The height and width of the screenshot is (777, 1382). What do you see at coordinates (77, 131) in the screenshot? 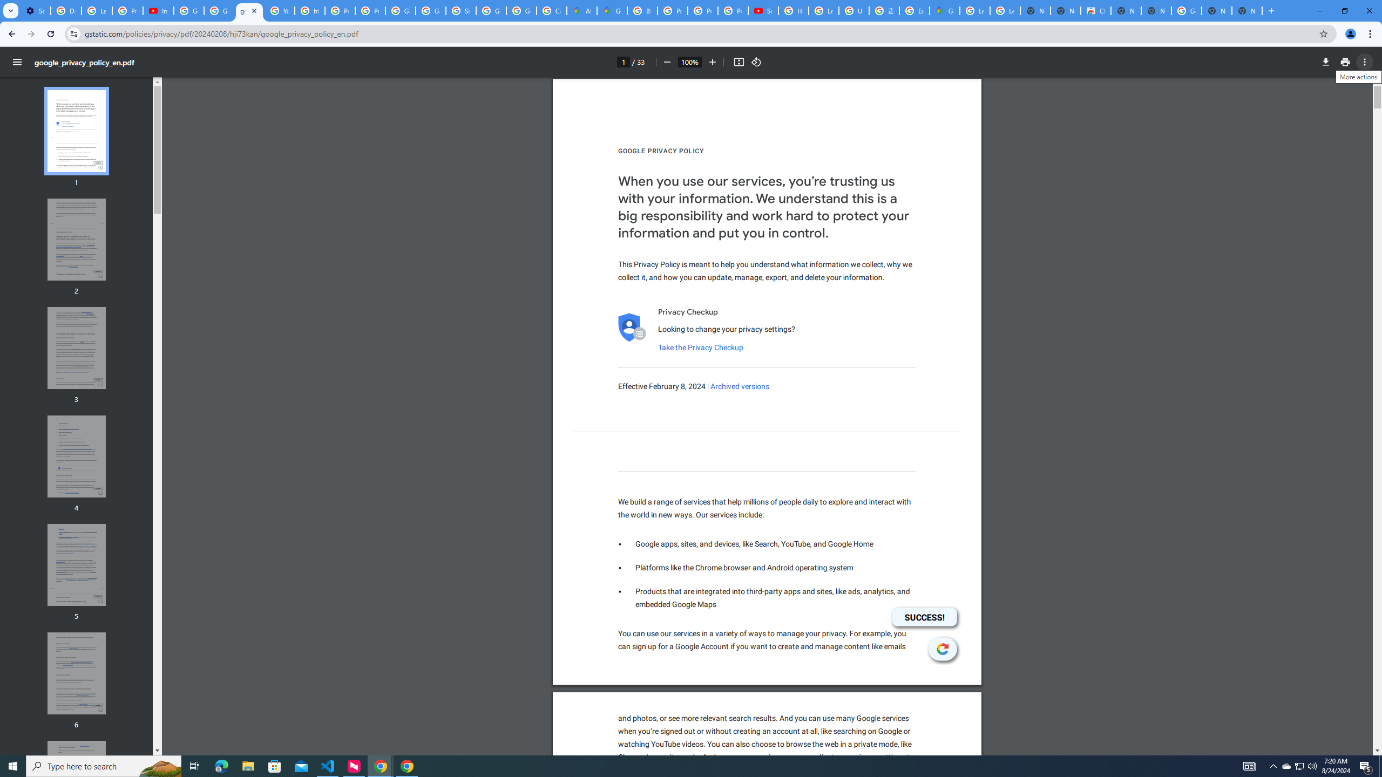
I see `'Thumbnail for page 1'` at bounding box center [77, 131].